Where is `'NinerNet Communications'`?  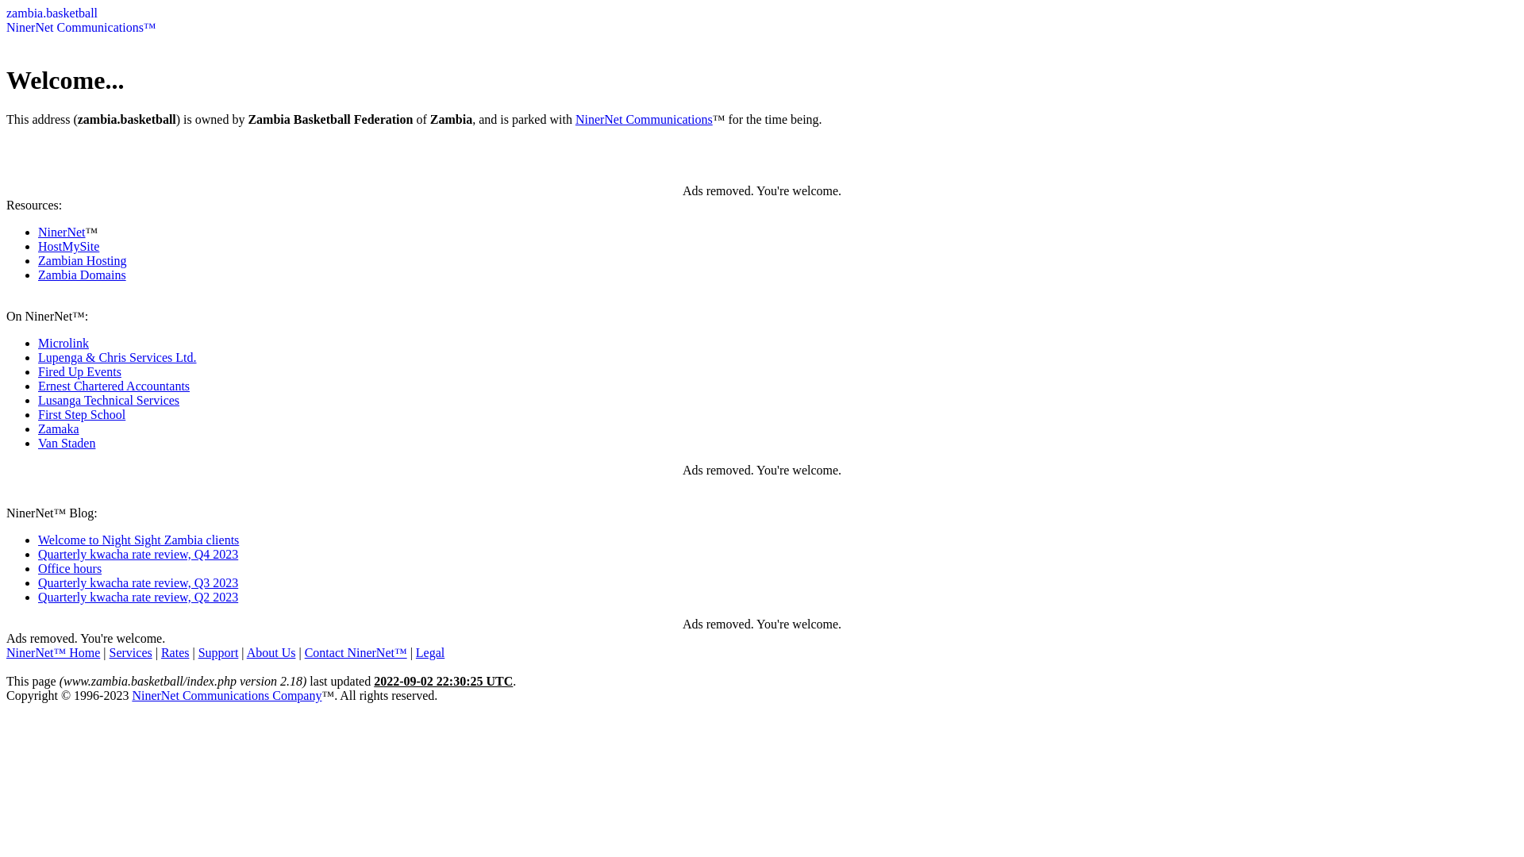
'NinerNet Communications' is located at coordinates (644, 118).